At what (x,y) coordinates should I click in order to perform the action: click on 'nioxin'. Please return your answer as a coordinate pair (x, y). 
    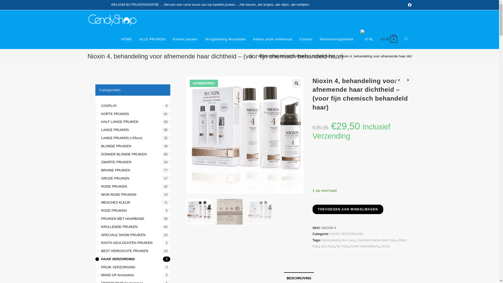
    Looking at the image, I should click on (385, 246).